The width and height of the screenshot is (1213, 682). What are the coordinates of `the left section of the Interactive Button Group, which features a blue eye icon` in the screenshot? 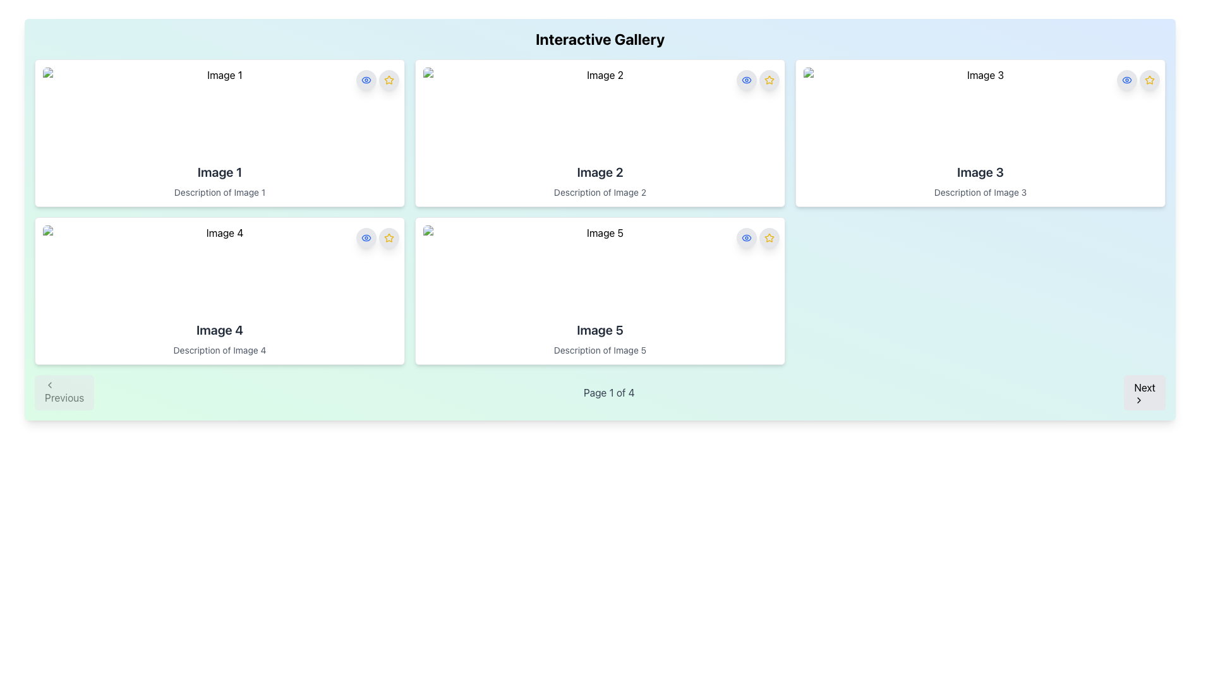 It's located at (377, 80).